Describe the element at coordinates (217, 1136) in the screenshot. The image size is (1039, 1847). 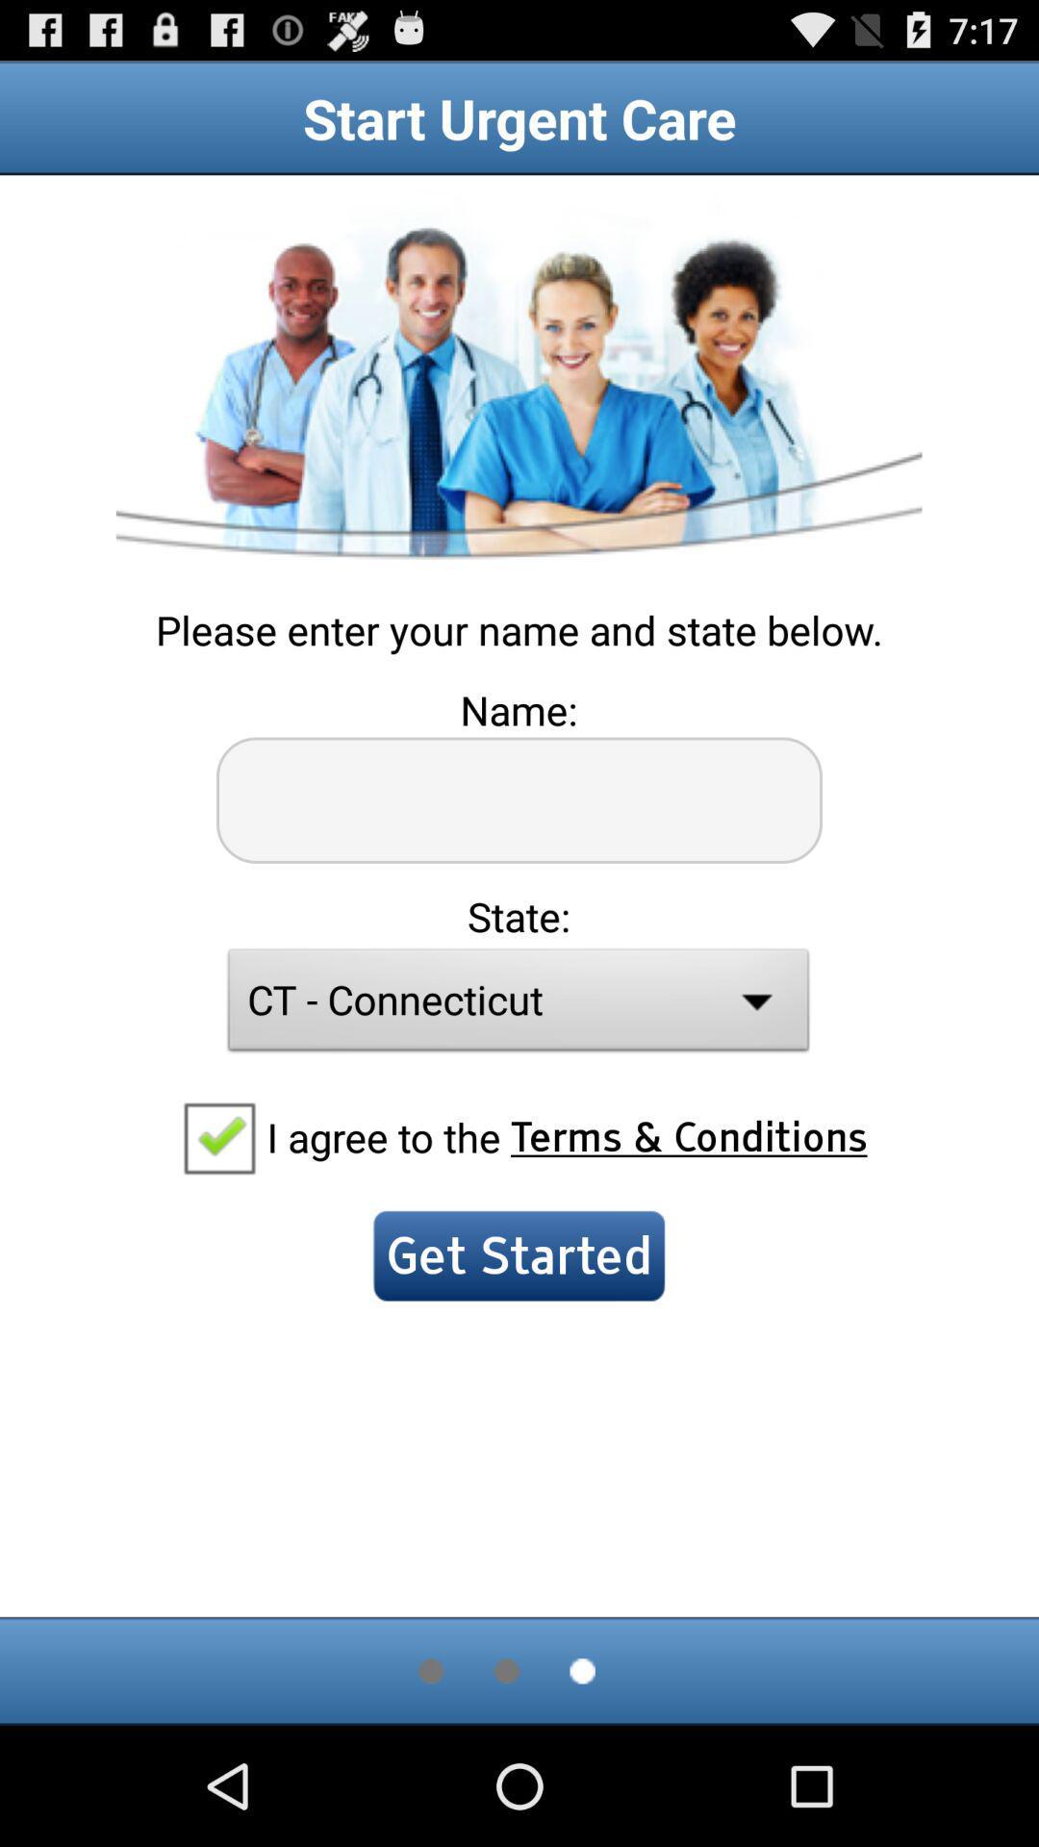
I see `check to agree to terms condtions` at that location.